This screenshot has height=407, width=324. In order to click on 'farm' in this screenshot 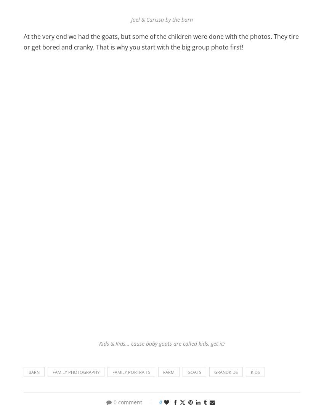, I will do `click(168, 372)`.